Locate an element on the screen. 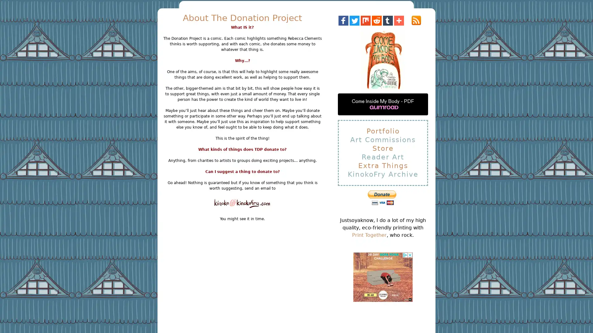  PayPal - The safer, easier way to pay online. is located at coordinates (381, 198).